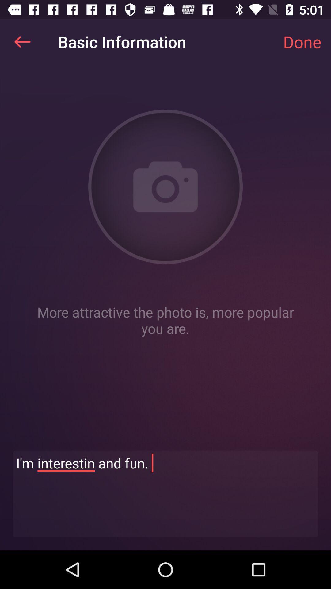  Describe the element at coordinates (22, 41) in the screenshot. I see `icon above the more attractive the` at that location.